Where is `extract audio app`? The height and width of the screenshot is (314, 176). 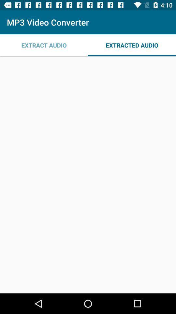 extract audio app is located at coordinates (44, 45).